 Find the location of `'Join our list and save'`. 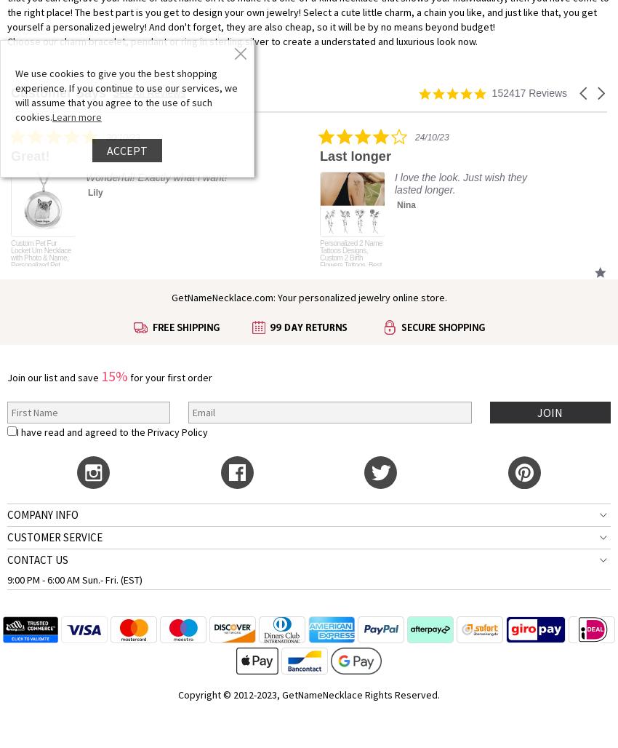

'Join our list and save' is located at coordinates (54, 377).